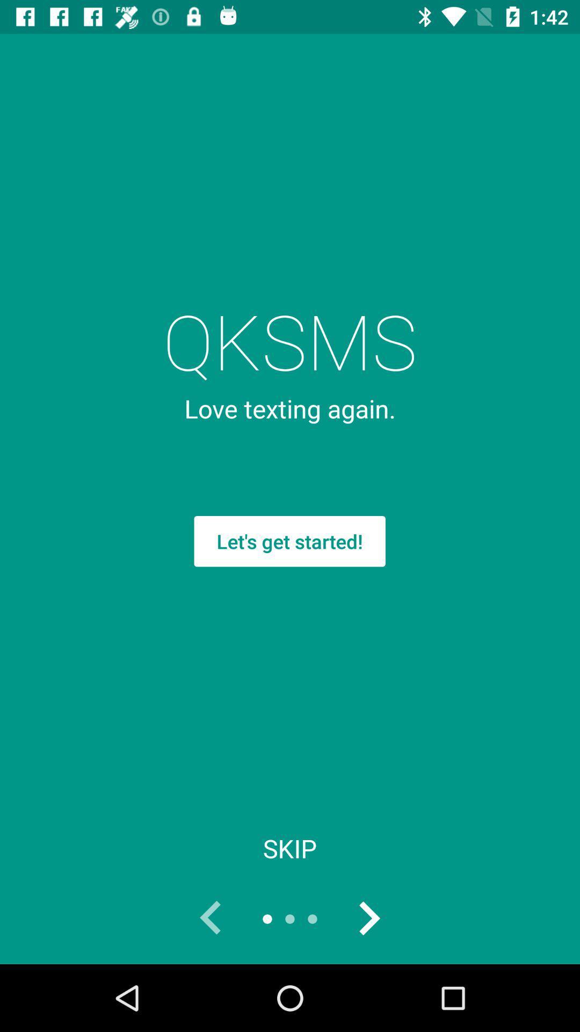  Describe the element at coordinates (211, 918) in the screenshot. I see `go back` at that location.